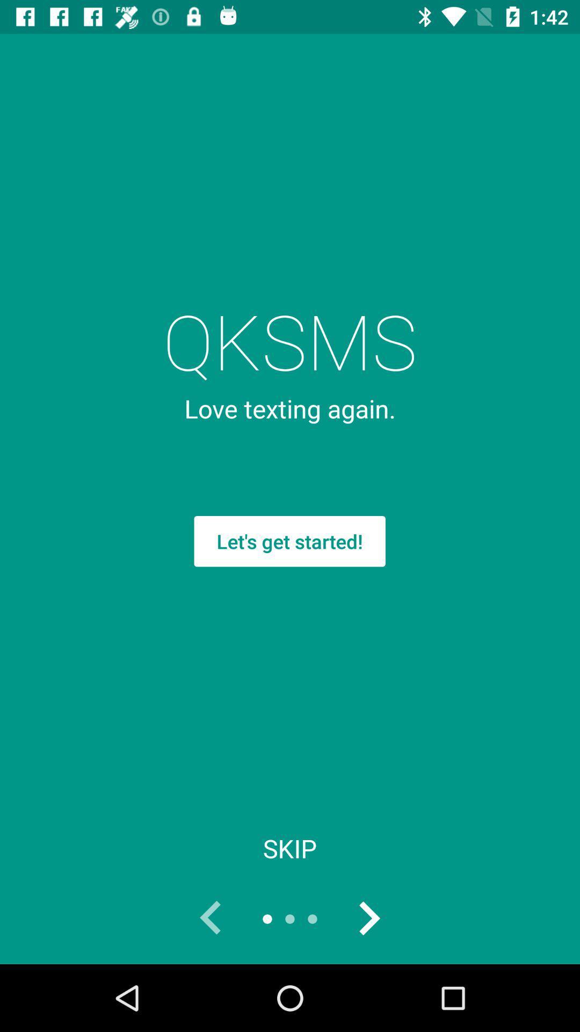  Describe the element at coordinates (211, 918) in the screenshot. I see `go back` at that location.